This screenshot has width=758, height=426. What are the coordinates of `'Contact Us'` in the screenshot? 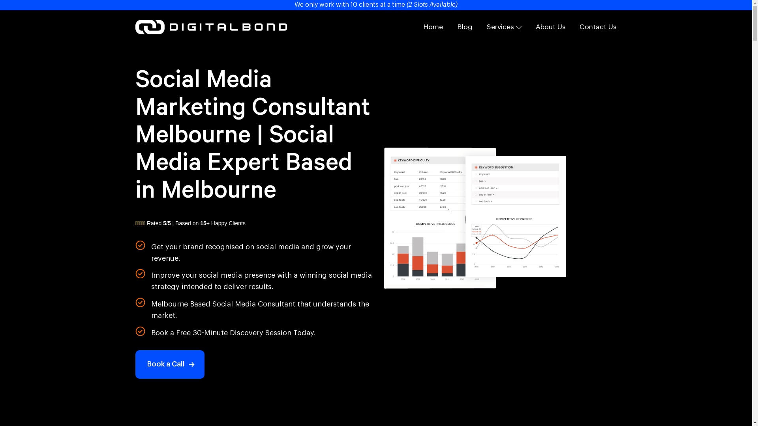 It's located at (598, 26).